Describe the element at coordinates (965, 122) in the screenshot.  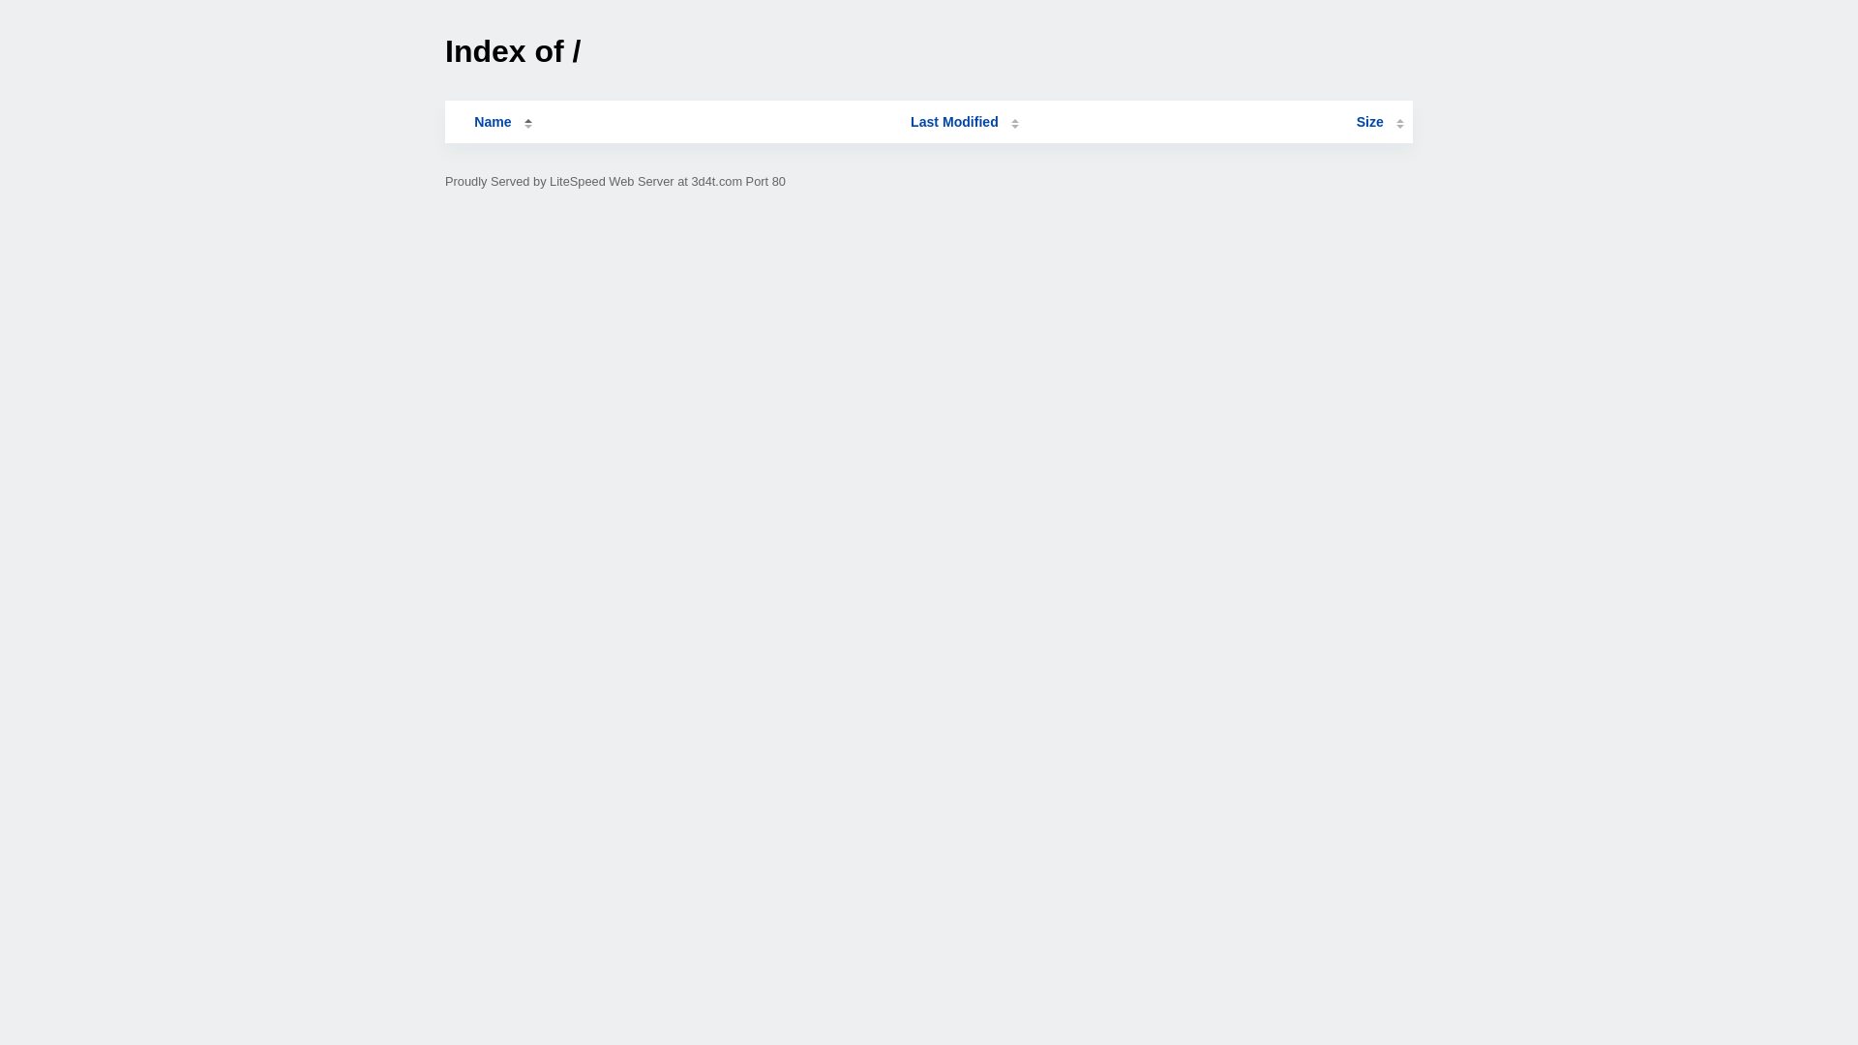
I see `'Last Modified'` at that location.